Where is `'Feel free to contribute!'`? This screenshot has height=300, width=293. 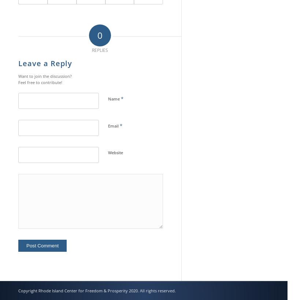
'Feel free to contribute!' is located at coordinates (18, 81).